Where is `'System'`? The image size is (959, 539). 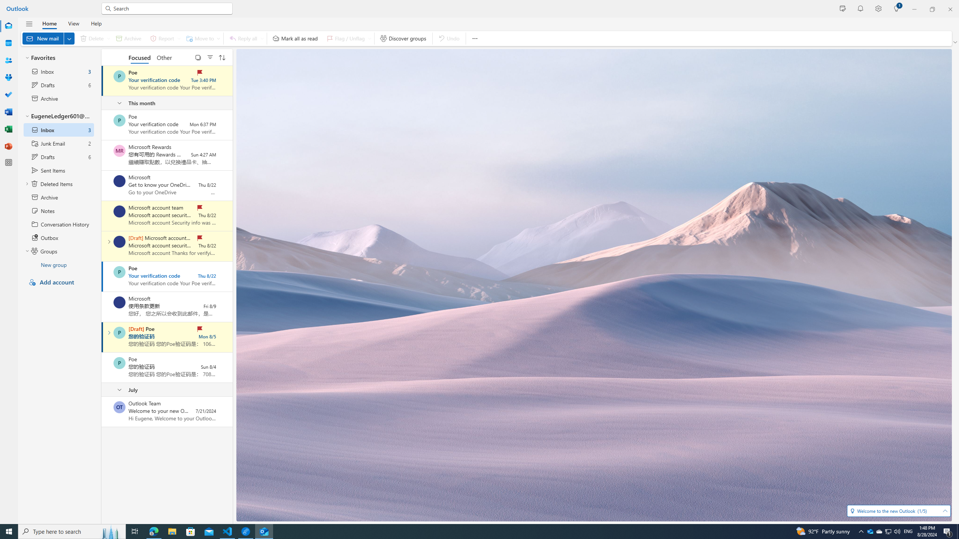
'System' is located at coordinates (4, 3).